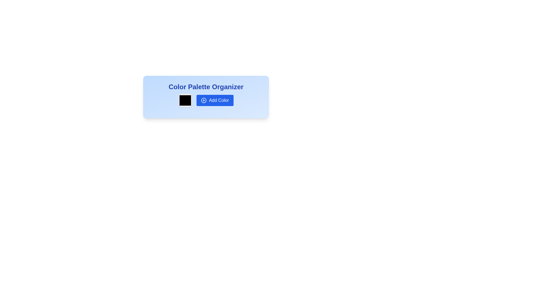  What do you see at coordinates (215, 100) in the screenshot?
I see `the 'Add Color' button located to the right of the black square color sample` at bounding box center [215, 100].